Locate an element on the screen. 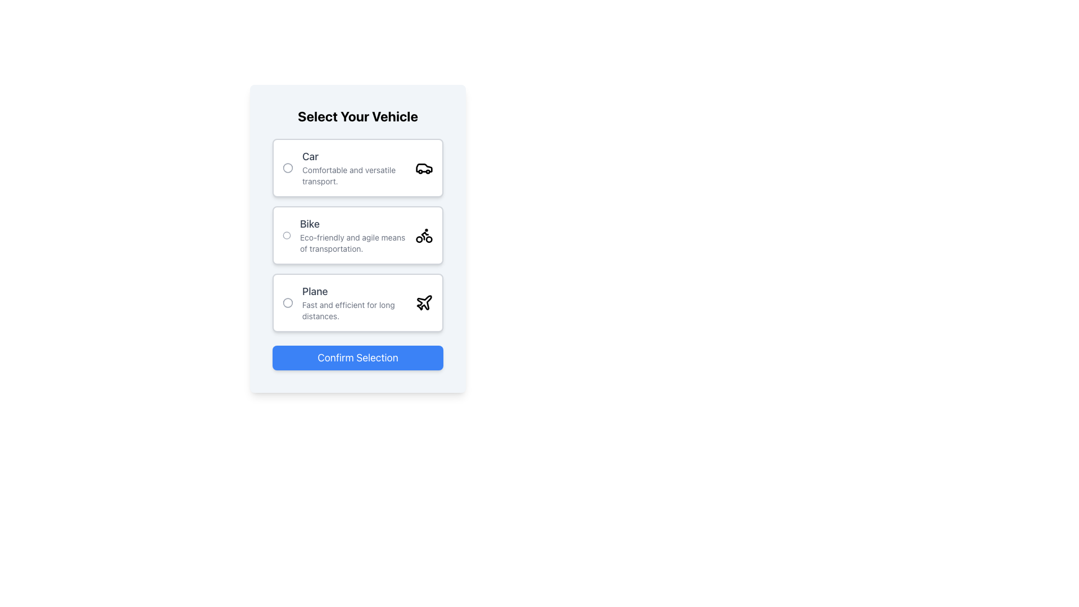 This screenshot has height=607, width=1079. the radio button is located at coordinates (288, 168).